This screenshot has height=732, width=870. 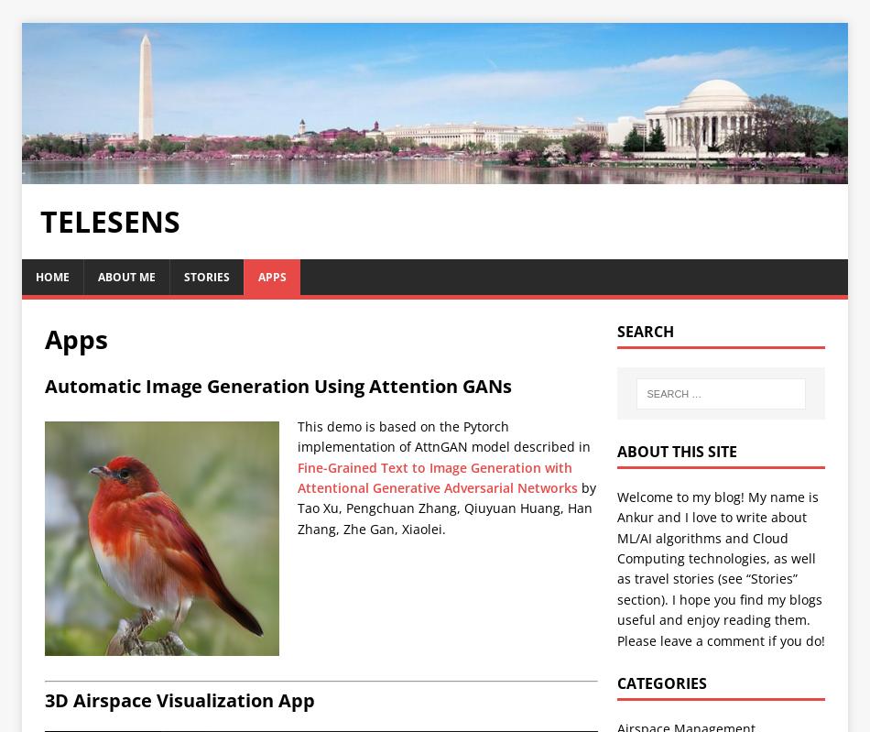 What do you see at coordinates (660, 682) in the screenshot?
I see `'Categories'` at bounding box center [660, 682].